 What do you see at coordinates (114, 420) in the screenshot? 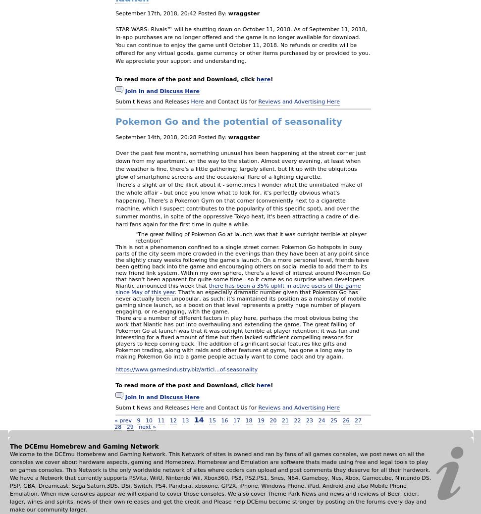
I see `'« prev'` at bounding box center [114, 420].